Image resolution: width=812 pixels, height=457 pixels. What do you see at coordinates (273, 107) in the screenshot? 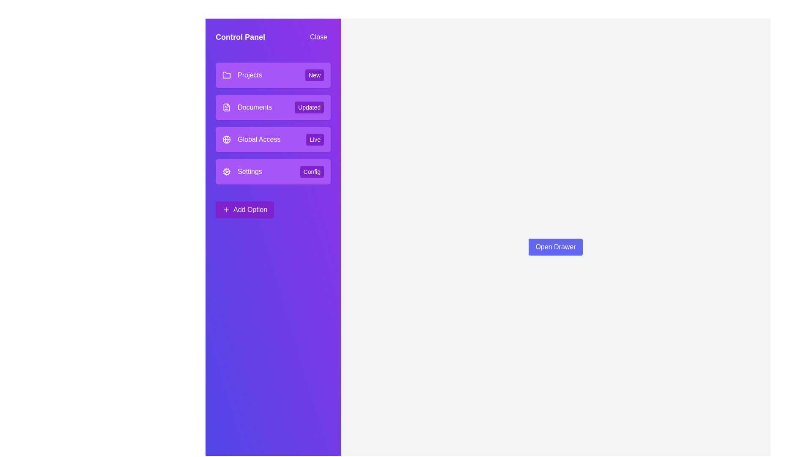
I see `the menu item with the title Documents` at bounding box center [273, 107].